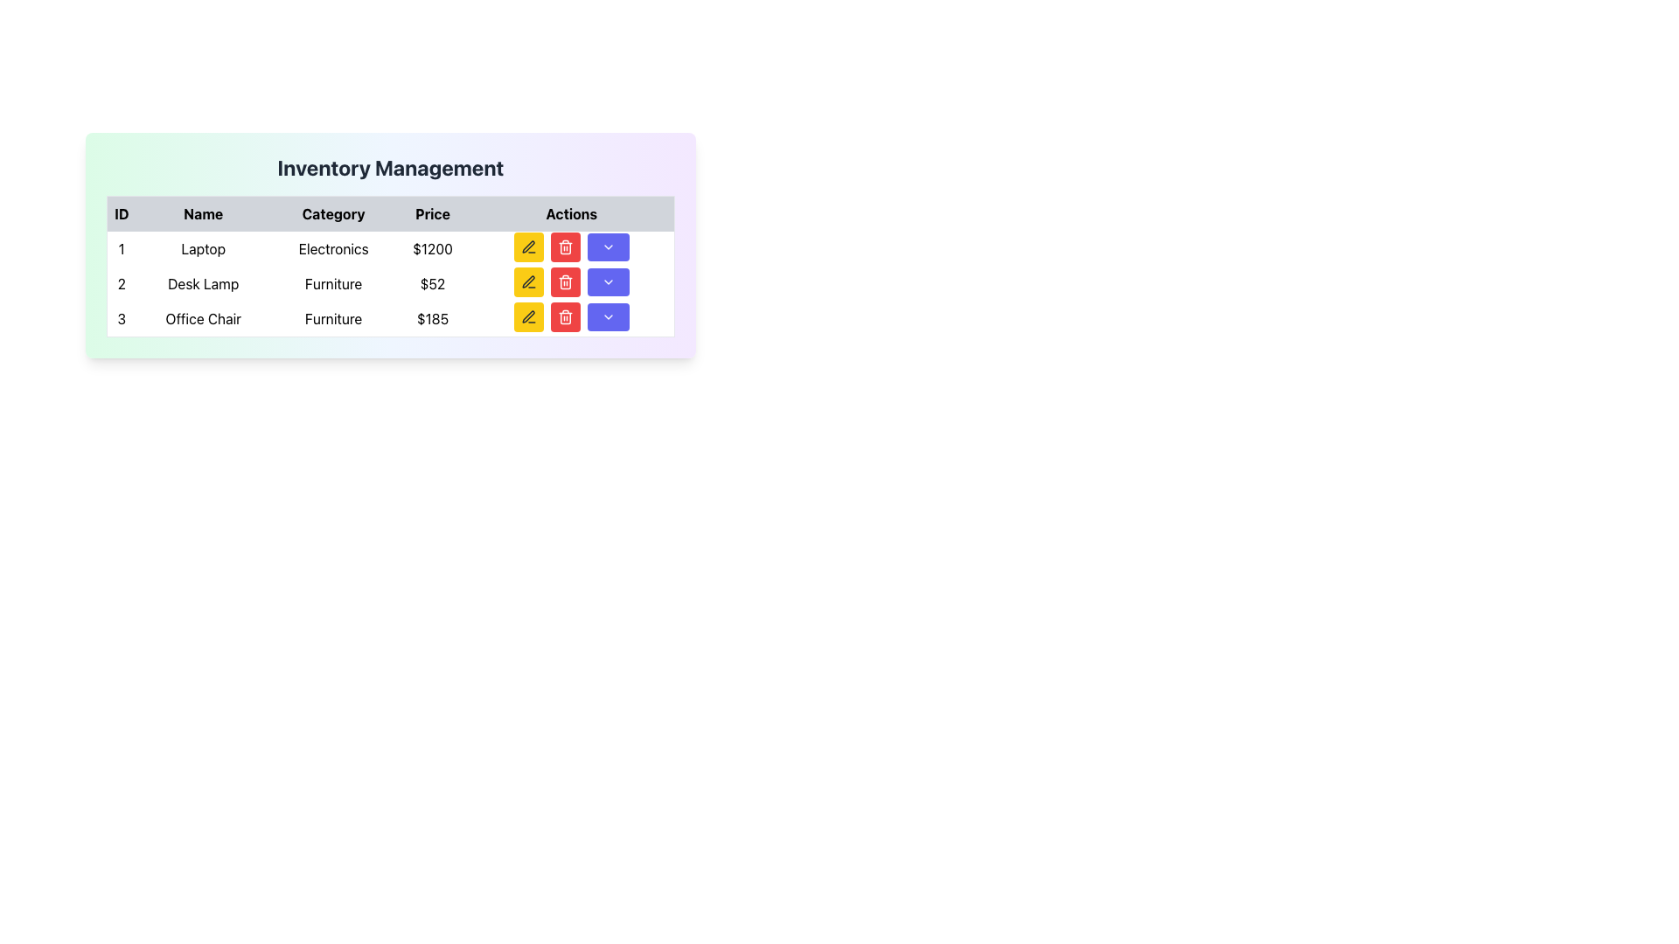 This screenshot has height=944, width=1679. What do you see at coordinates (432, 282) in the screenshot?
I see `displayed static text showing the price '$52' for the 'Desk Lamp' item, located in the fourth column of the second row under the 'Price' column` at bounding box center [432, 282].